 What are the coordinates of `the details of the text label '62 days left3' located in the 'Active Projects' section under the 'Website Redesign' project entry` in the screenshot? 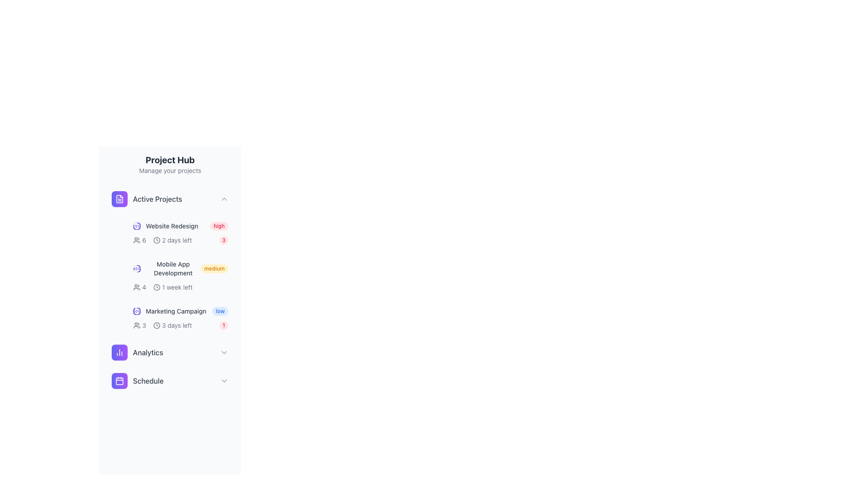 It's located at (180, 240).